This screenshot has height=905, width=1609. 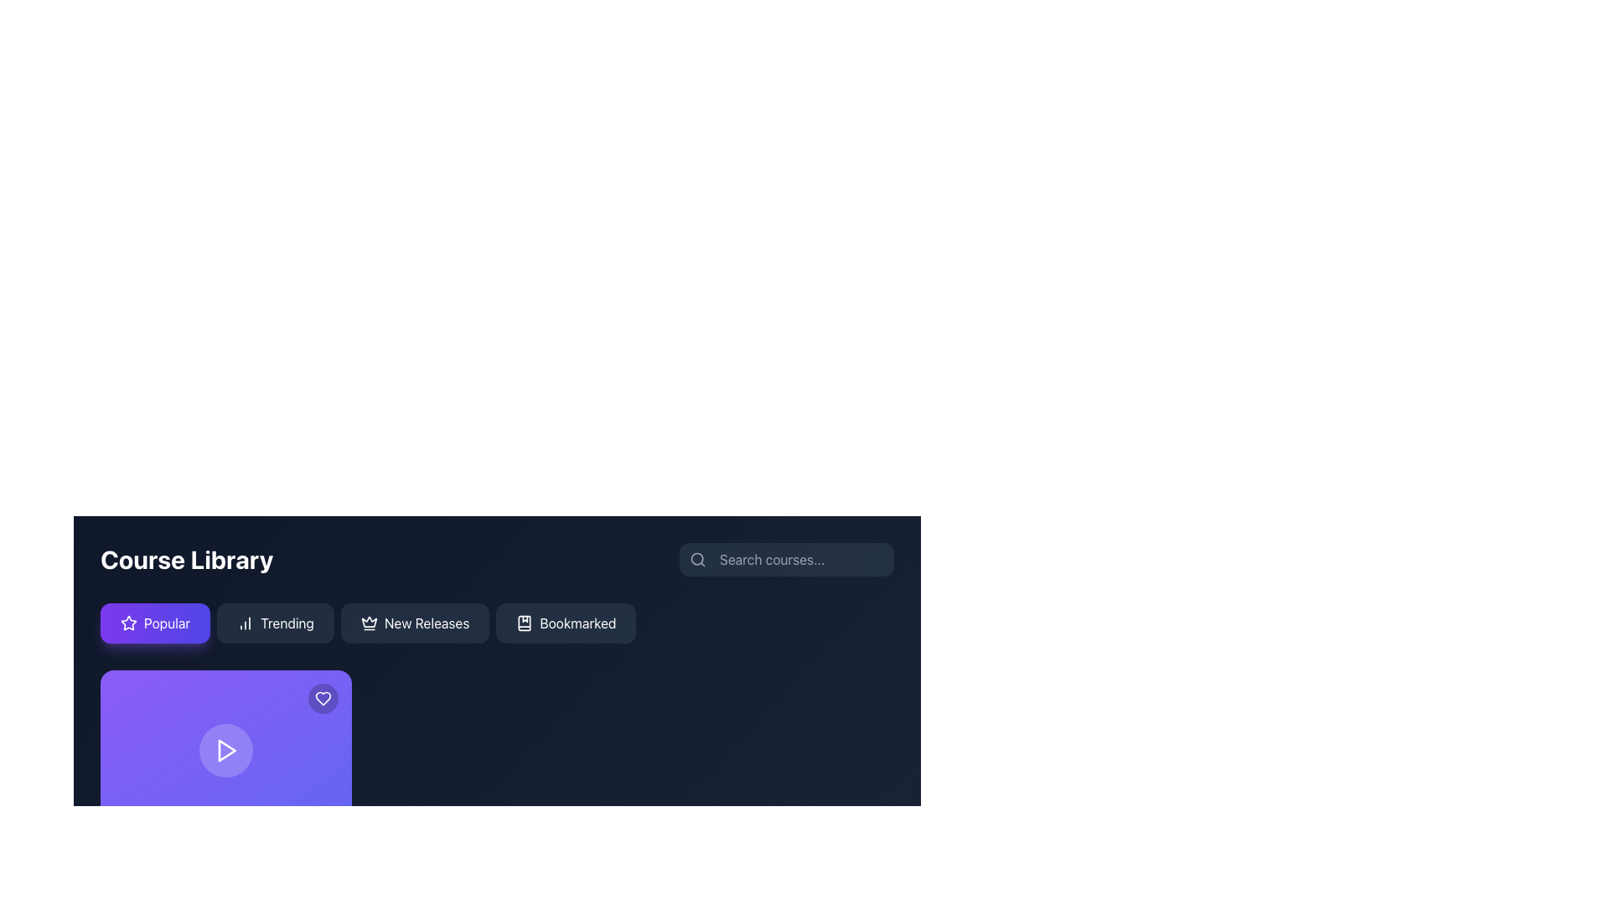 What do you see at coordinates (287, 623) in the screenshot?
I see `the navigation button labeled with a Text label that directs to trending content, located to the immediate right of the 'Popular' button` at bounding box center [287, 623].